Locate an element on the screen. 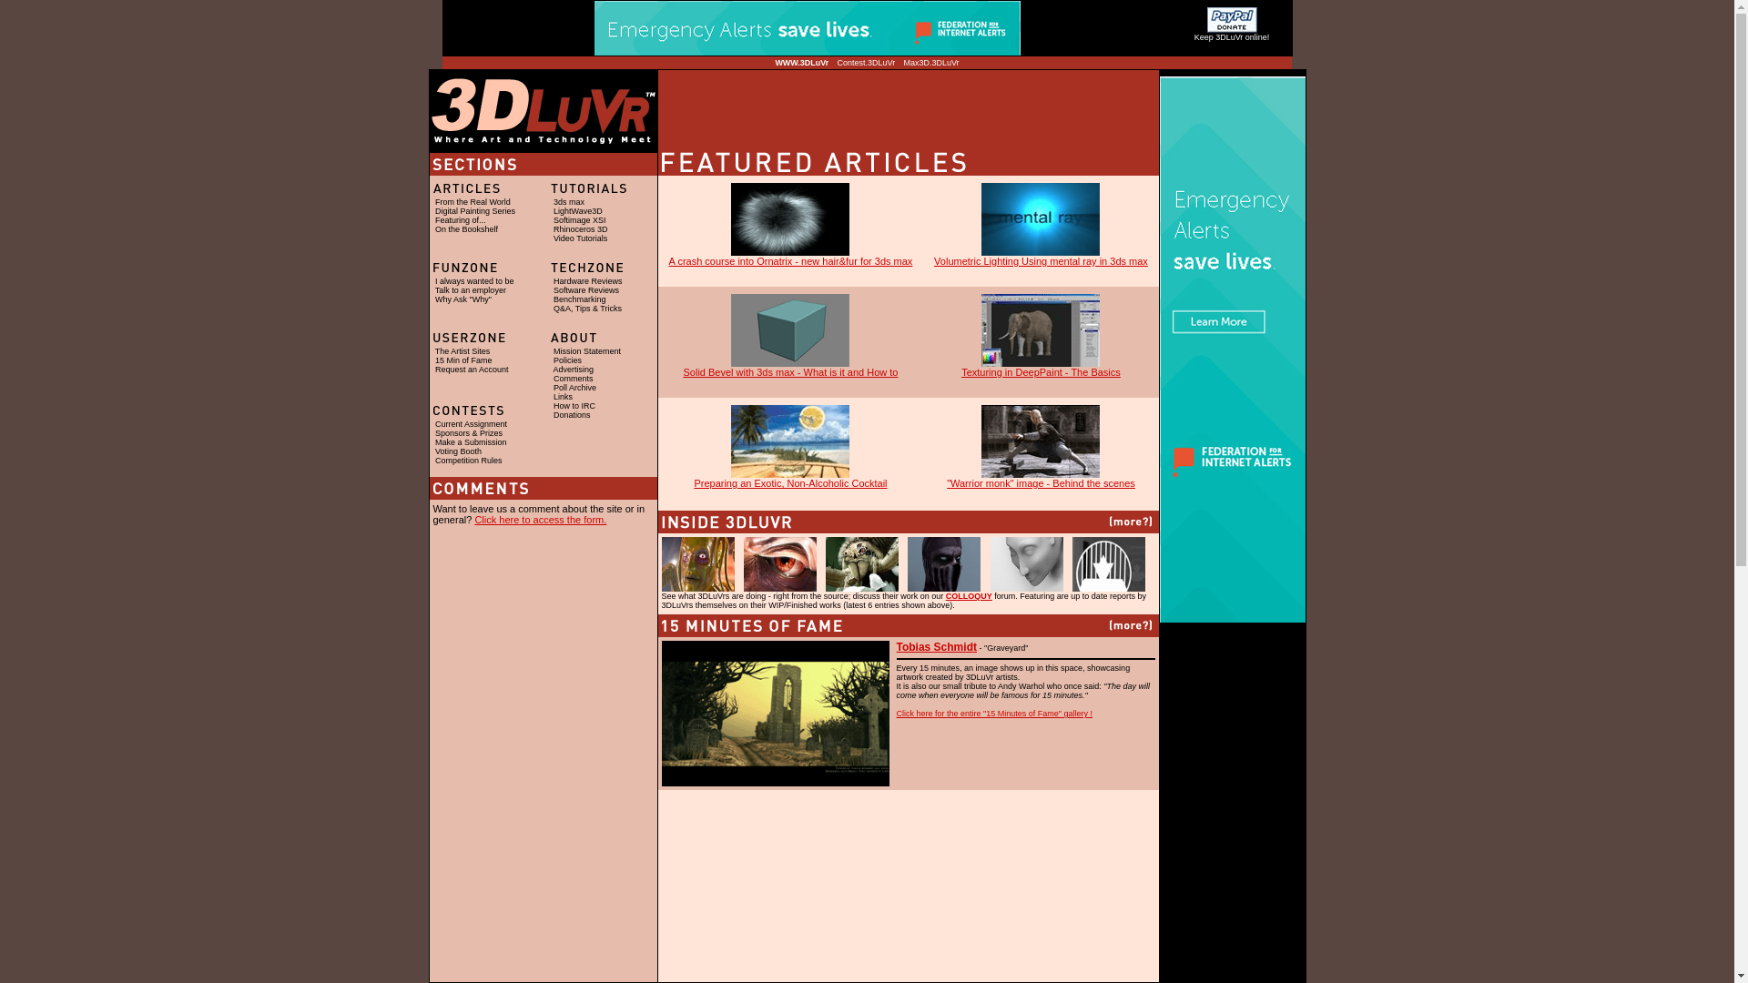 The width and height of the screenshot is (1748, 983). 'Click here for the entire "15 Minutes of Fame" gallery !' is located at coordinates (992, 712).